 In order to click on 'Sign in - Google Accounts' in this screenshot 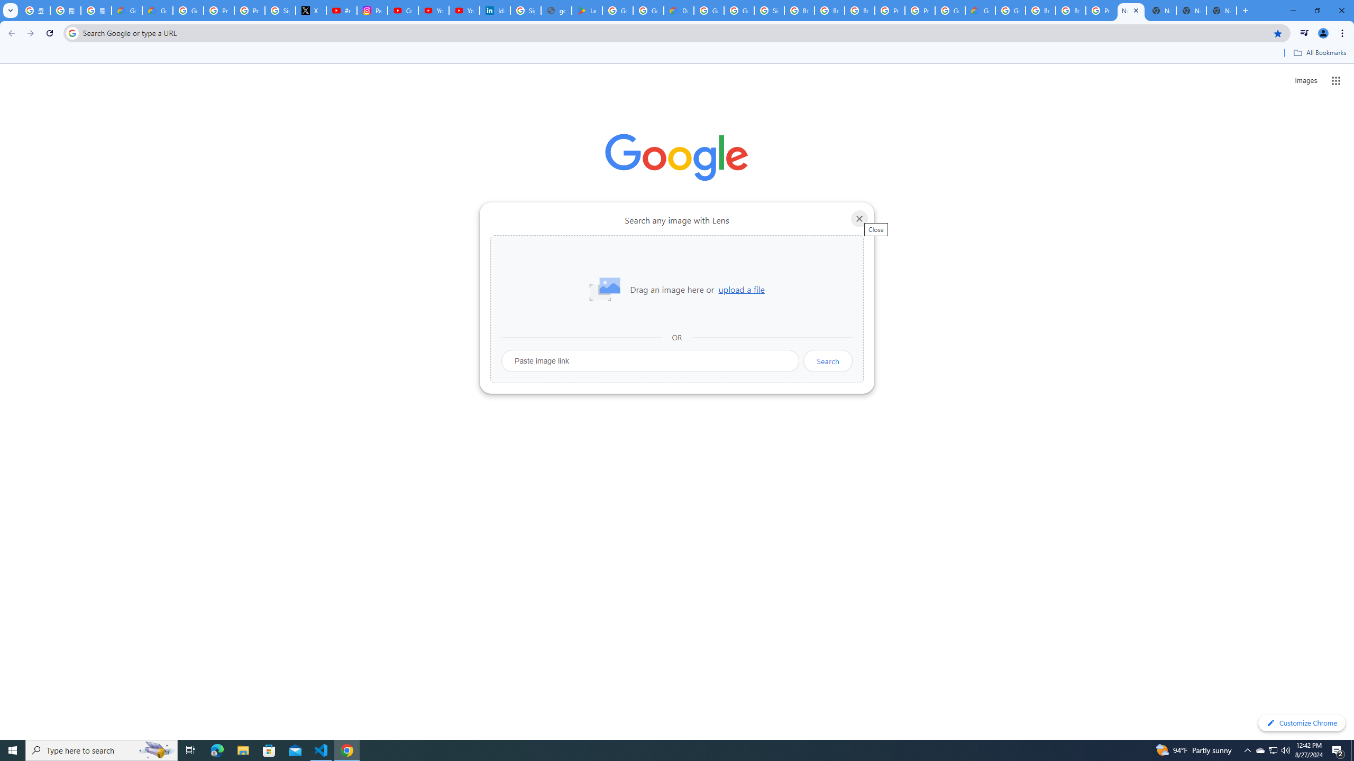, I will do `click(525, 10)`.